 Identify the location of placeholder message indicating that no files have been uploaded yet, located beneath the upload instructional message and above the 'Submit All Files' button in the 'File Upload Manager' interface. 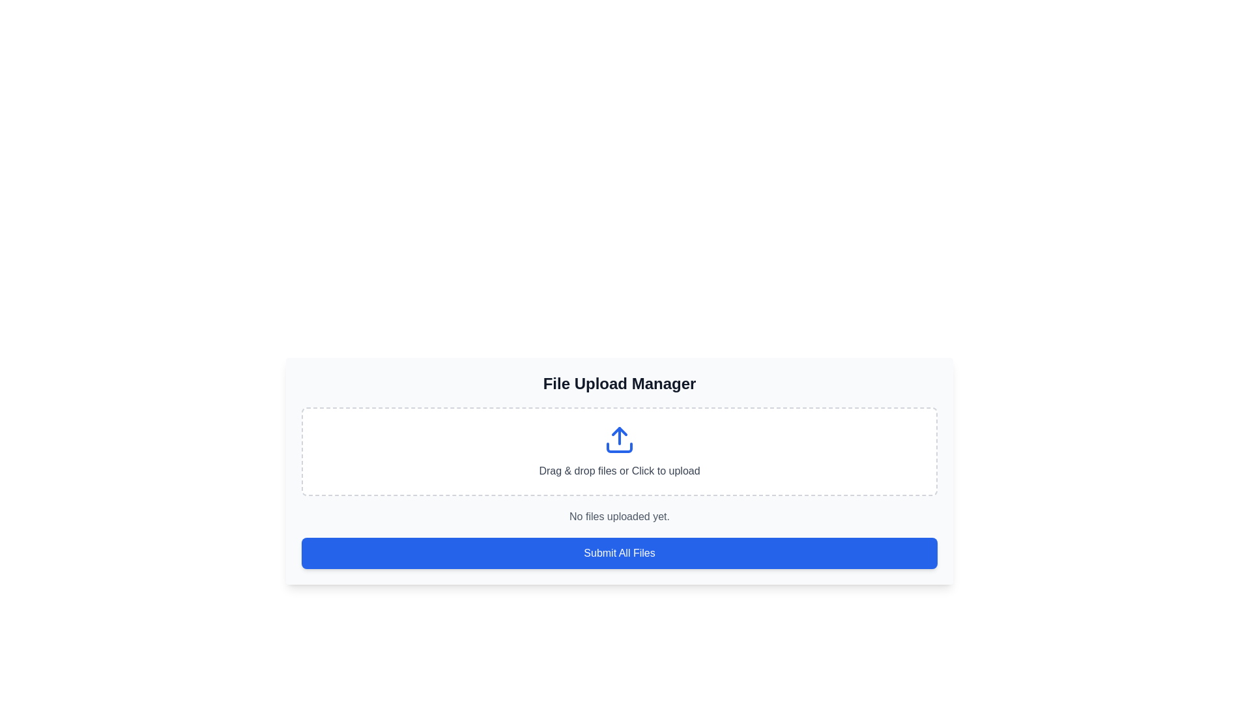
(618, 516).